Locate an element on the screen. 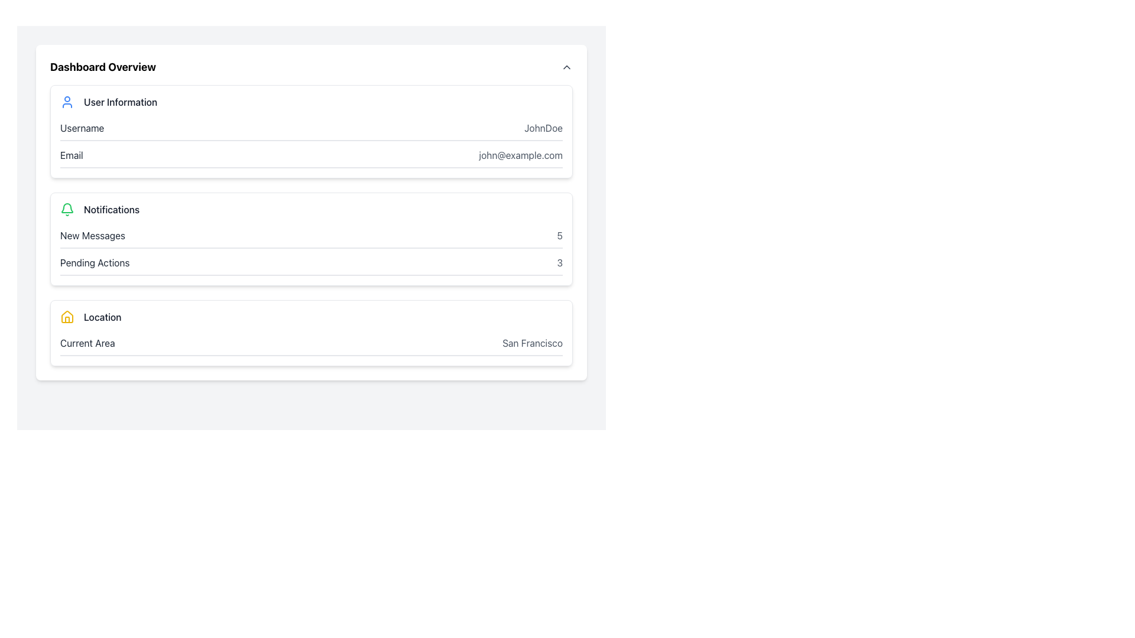 The image size is (1135, 638). the 'San Francisco' text label displayed in light gray font color, located under the 'Current Area' heading in the 'Location' section is located at coordinates (532, 343).